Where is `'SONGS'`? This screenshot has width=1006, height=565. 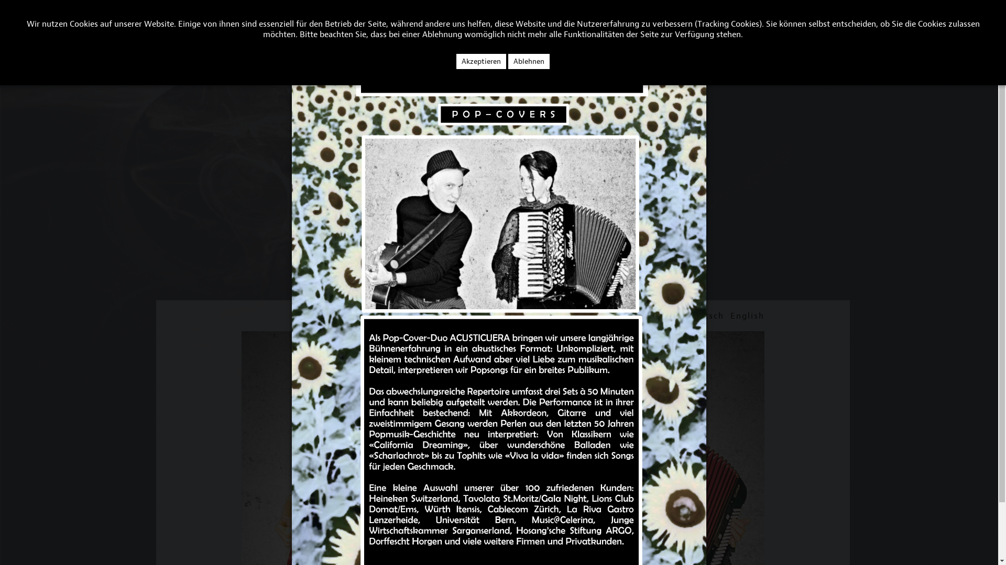 'SONGS' is located at coordinates (106, 29).